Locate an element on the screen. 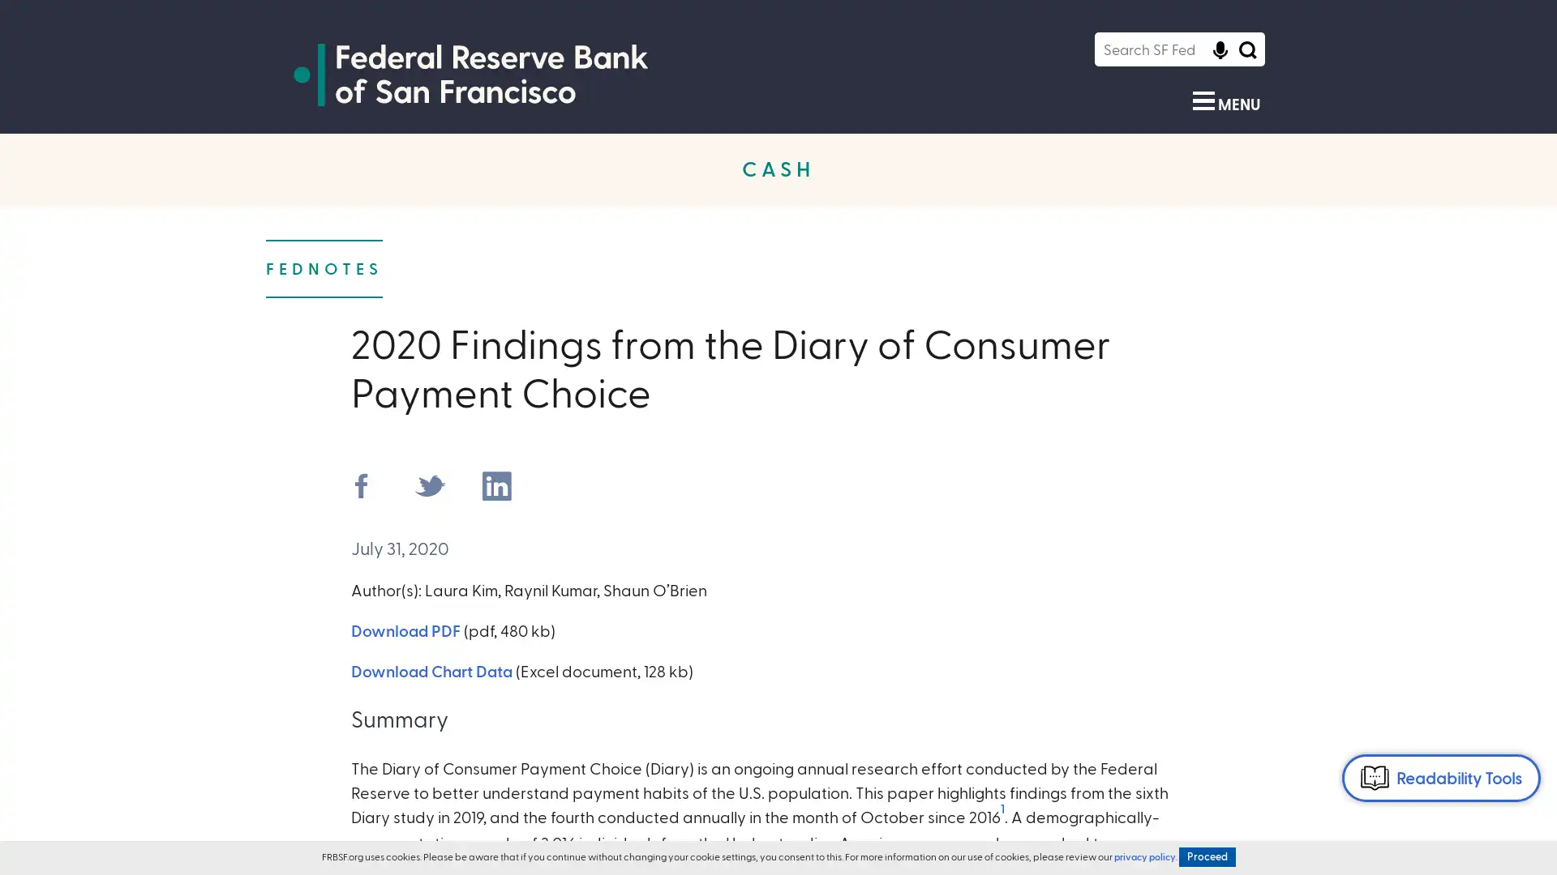 The width and height of the screenshot is (1557, 875). Click to start voice recognition Click to start voice recognition of search query is located at coordinates (1220, 49).